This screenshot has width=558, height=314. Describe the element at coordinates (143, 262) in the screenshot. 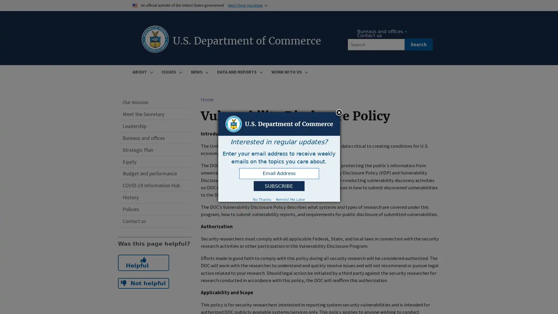

I see `Helpful` at that location.